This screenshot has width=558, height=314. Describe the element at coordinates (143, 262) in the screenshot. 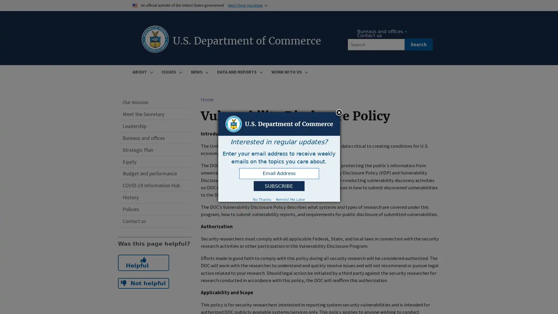

I see `Helpful` at that location.